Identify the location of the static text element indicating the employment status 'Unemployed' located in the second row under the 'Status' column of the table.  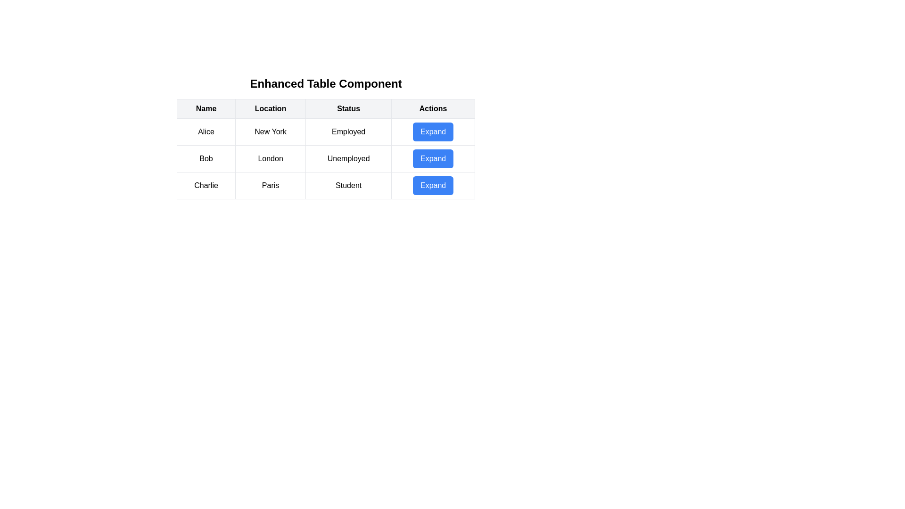
(348, 158).